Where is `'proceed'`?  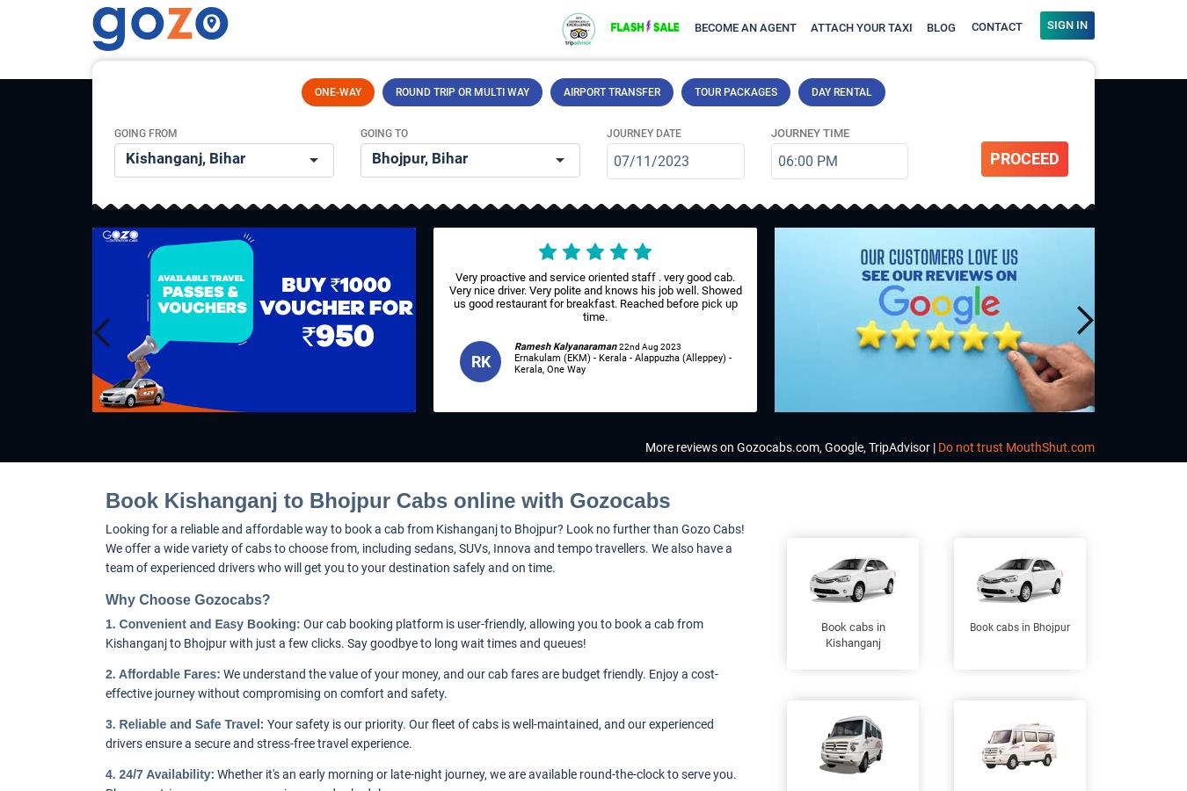 'proceed' is located at coordinates (988, 158).